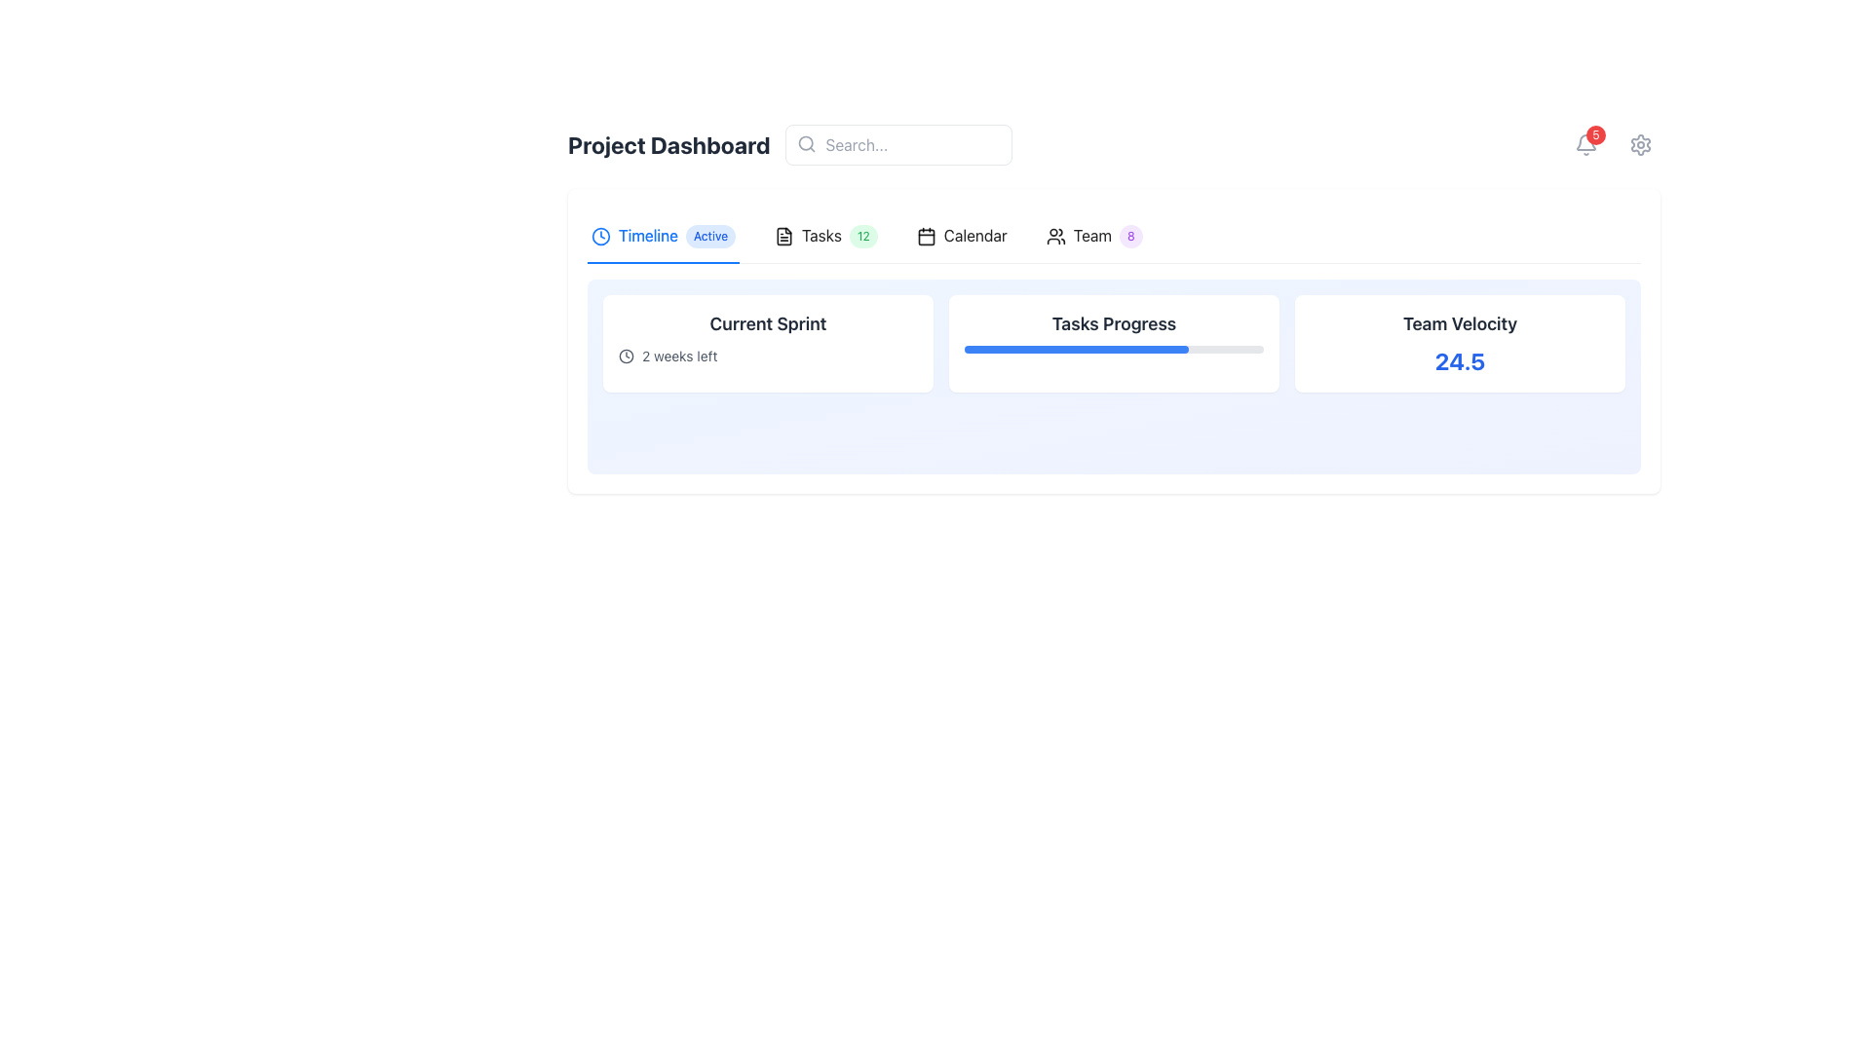 This screenshot has width=1871, height=1052. Describe the element at coordinates (1460, 343) in the screenshot. I see `content displayed on the Informational card that shows the team's velocity, located in the third column of the dashboard grid, to the right of the 'Tasks Progress' card` at that location.